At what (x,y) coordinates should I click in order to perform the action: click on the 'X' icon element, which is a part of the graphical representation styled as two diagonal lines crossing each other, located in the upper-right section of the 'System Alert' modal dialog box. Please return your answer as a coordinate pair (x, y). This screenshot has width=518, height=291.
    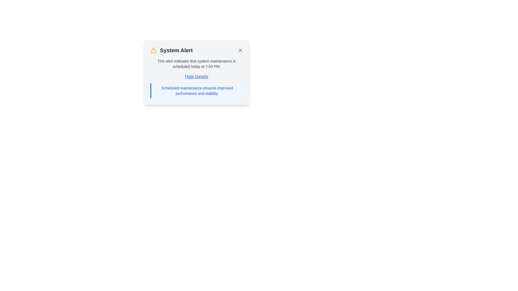
    Looking at the image, I should click on (240, 50).